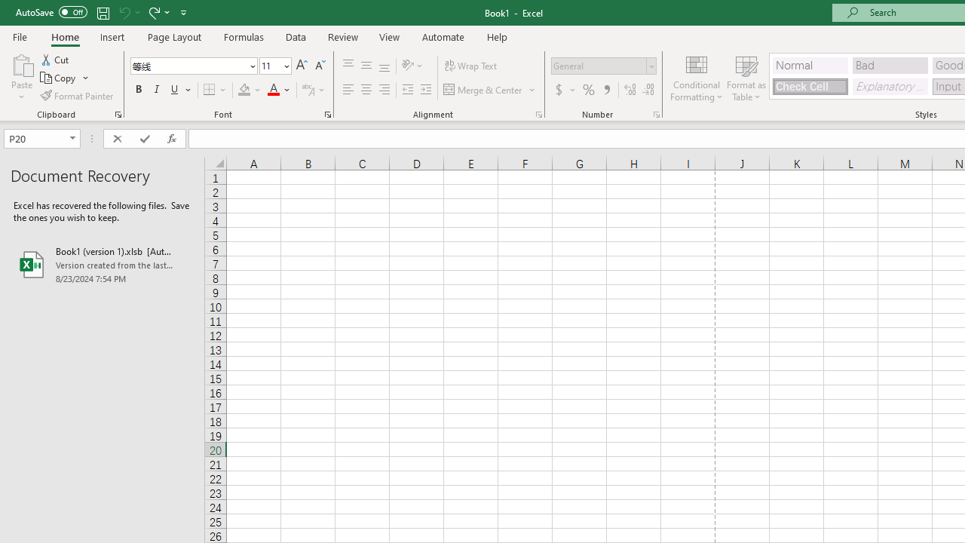 This screenshot has height=543, width=965. What do you see at coordinates (746, 78) in the screenshot?
I see `'Format as Table'` at bounding box center [746, 78].